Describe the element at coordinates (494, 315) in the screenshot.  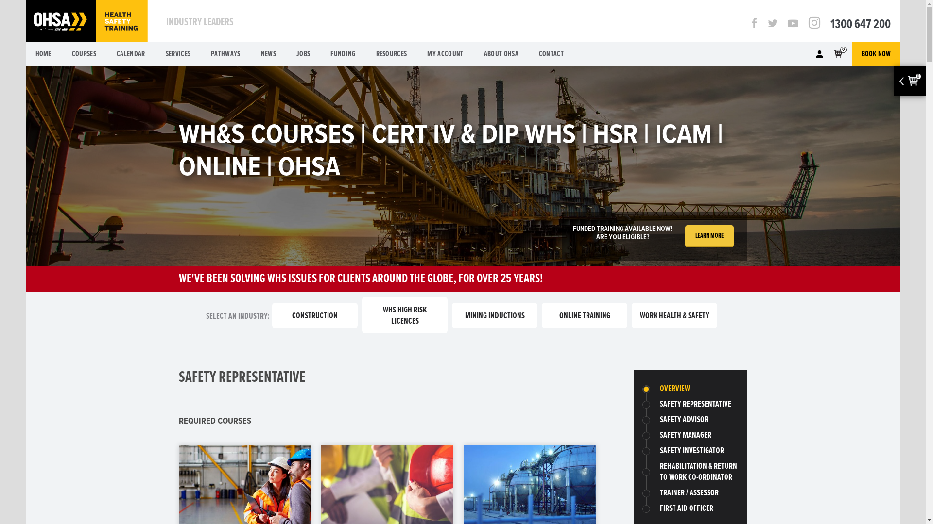
I see `'MINING INDUCTIONS'` at that location.